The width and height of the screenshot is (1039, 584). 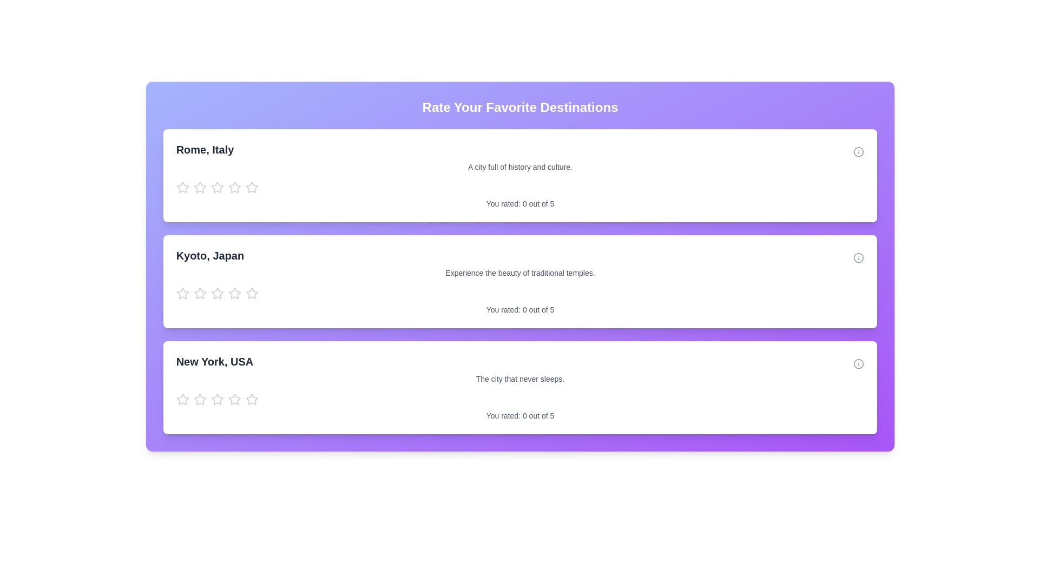 What do you see at coordinates (216, 293) in the screenshot?
I see `the second star-shaped rating icon with a hollow outline and gray color under the entry for 'Kyoto, Japan'` at bounding box center [216, 293].